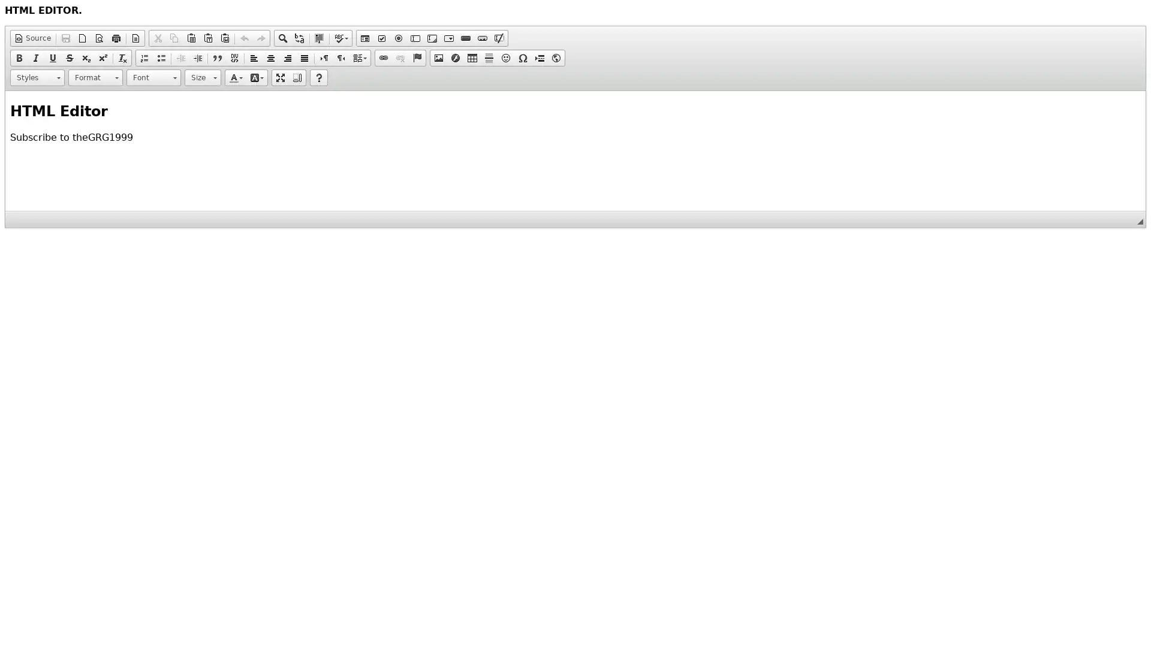 The width and height of the screenshot is (1151, 647). I want to click on Insert/Remove Bulleted List, so click(160, 58).